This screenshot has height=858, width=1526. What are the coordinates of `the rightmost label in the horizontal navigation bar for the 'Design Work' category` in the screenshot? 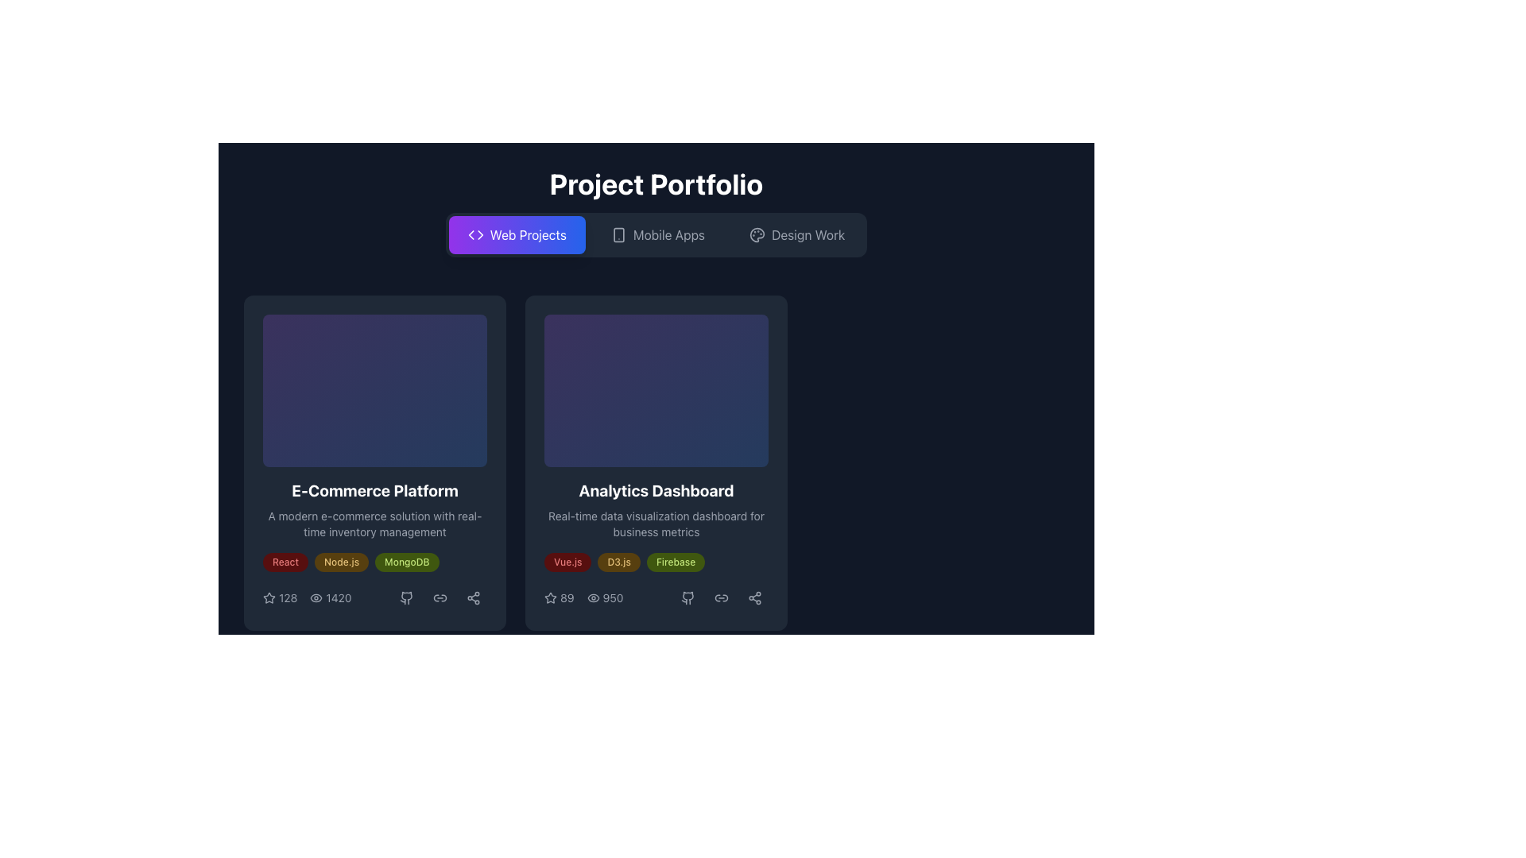 It's located at (808, 235).